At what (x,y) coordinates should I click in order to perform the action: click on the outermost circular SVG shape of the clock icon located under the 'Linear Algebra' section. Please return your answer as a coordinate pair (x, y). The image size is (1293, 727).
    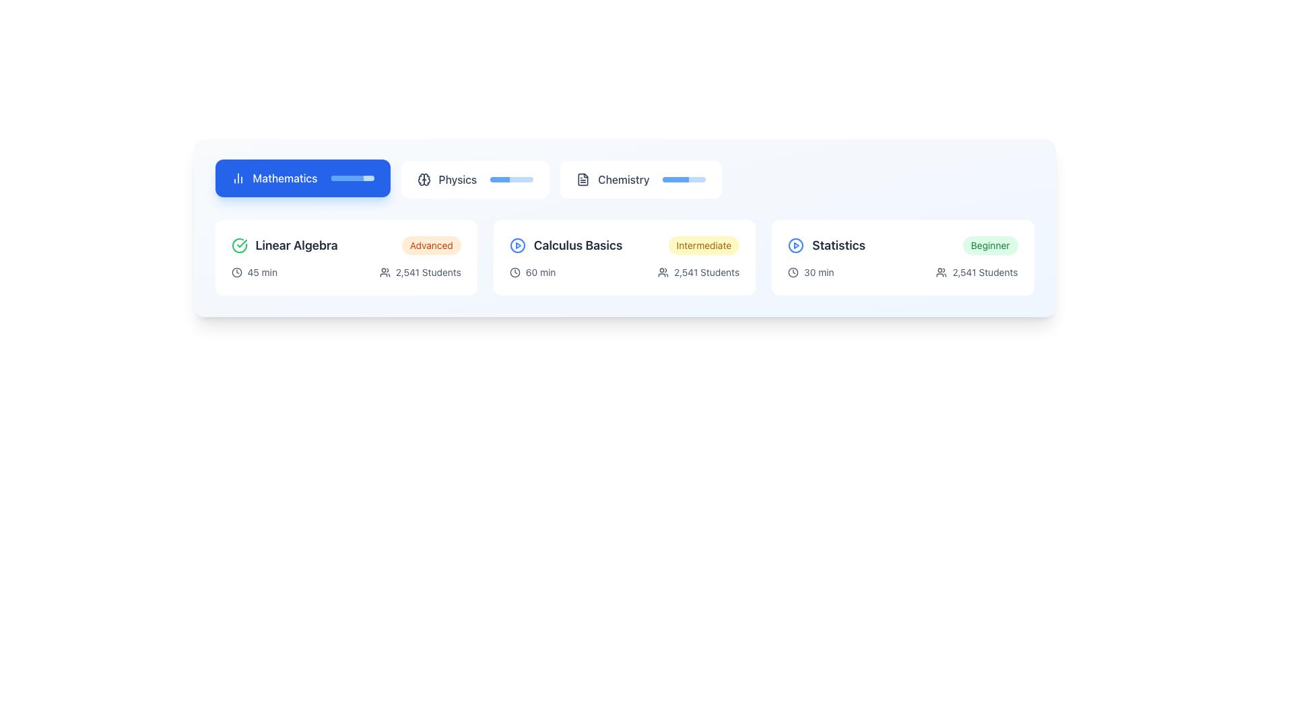
    Looking at the image, I should click on (236, 273).